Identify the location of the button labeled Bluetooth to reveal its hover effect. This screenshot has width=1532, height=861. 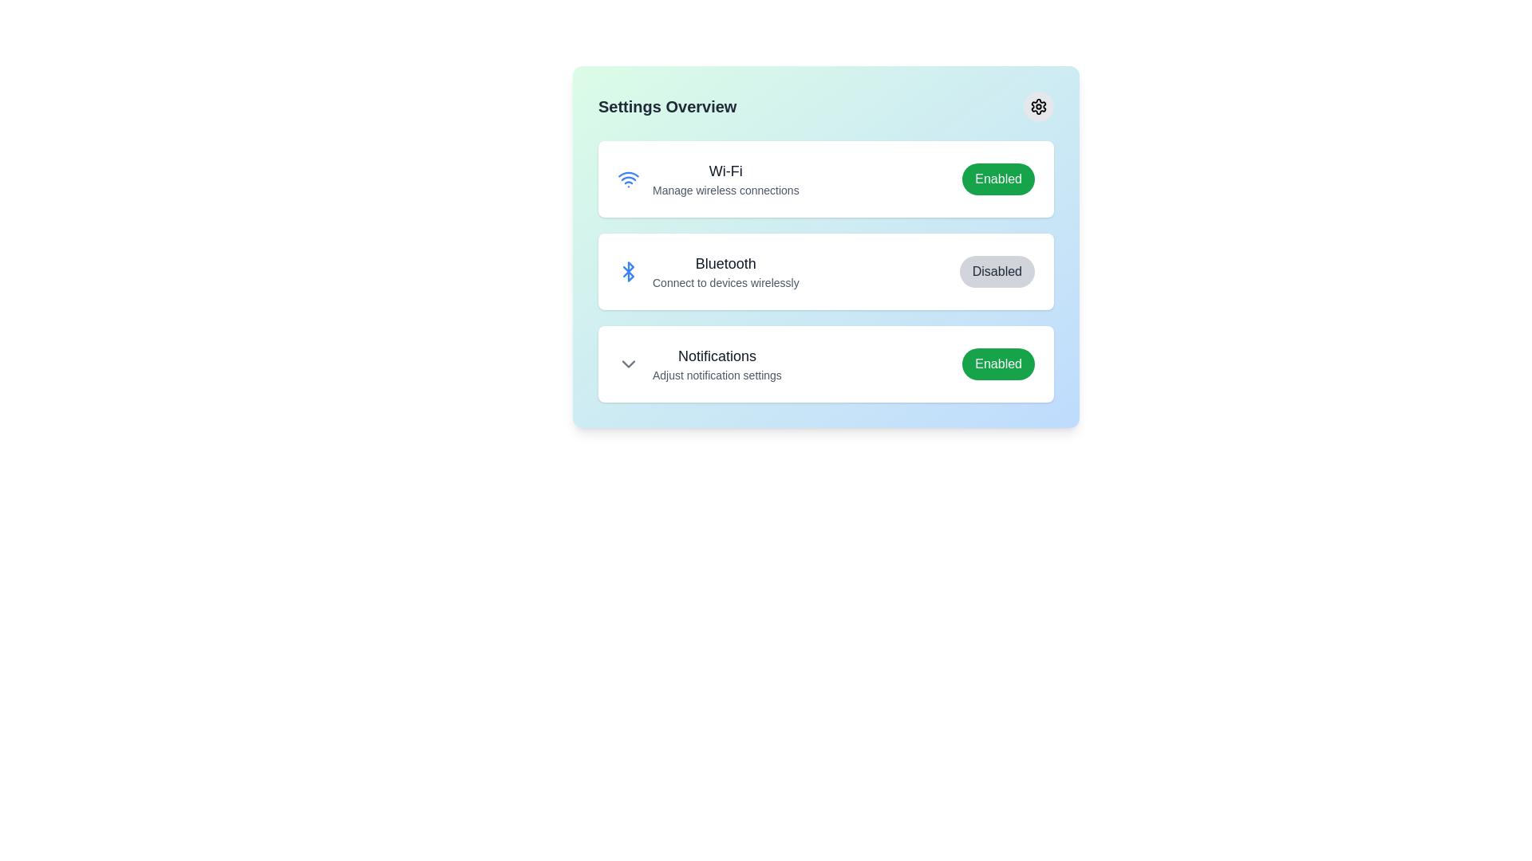
(996, 270).